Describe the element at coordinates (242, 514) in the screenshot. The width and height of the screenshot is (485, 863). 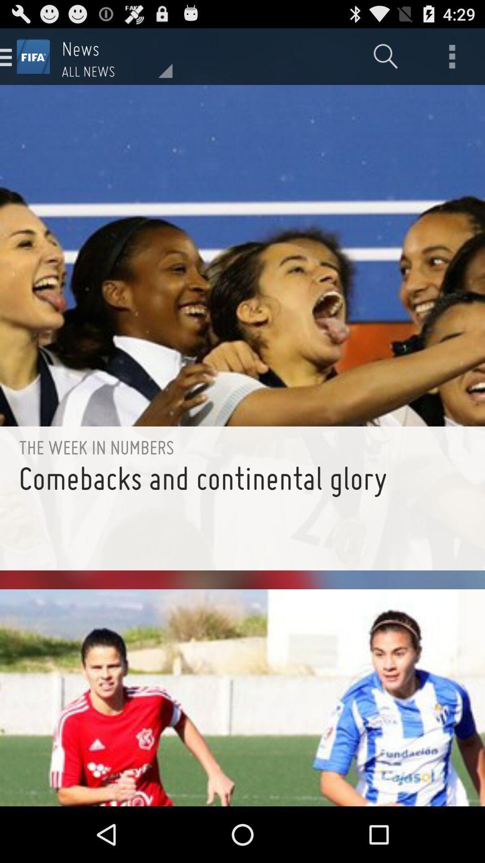
I see `comebacks and continental item` at that location.